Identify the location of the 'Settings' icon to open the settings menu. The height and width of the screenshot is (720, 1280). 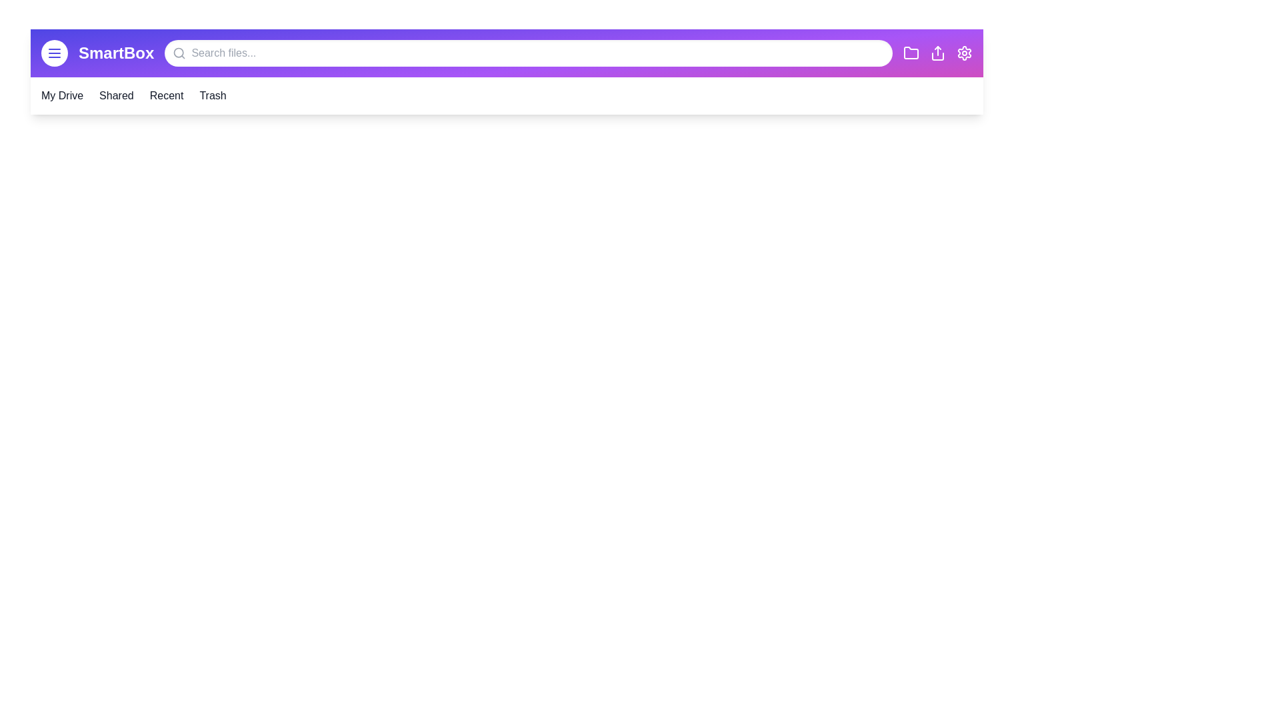
(964, 53).